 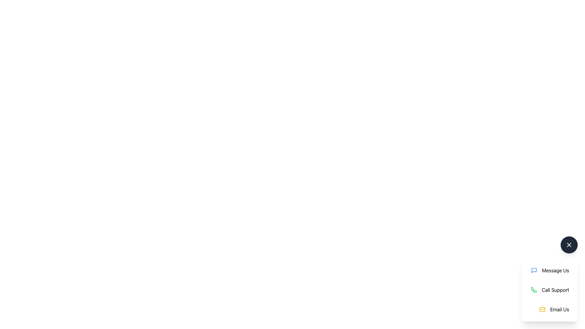 I want to click on the 'Call Support' button, which is the second interactive item in a vertical list, featuring a green phone icon and a text label that changes color on hover, so click(x=550, y=290).